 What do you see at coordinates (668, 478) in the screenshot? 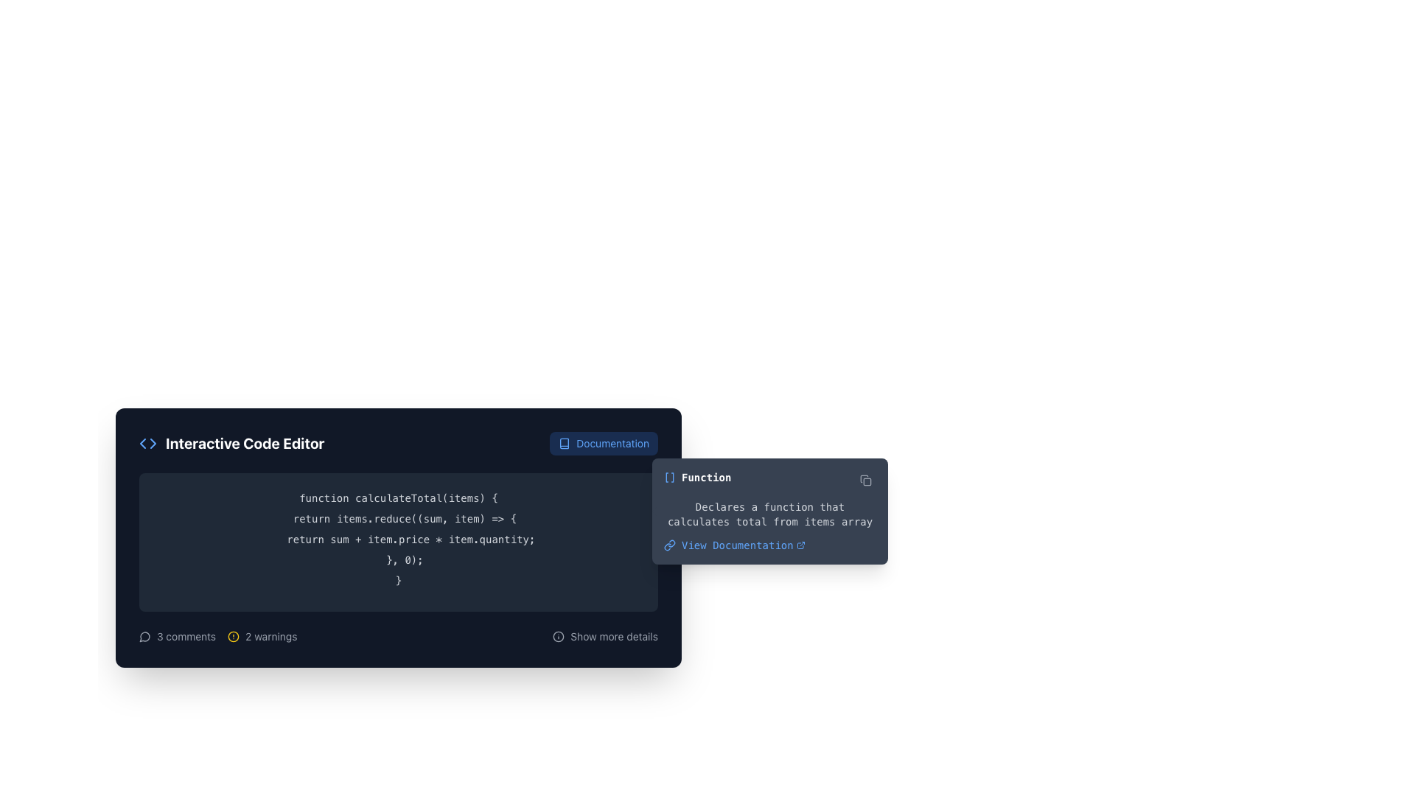
I see `the SVG icon representing brackets, which is positioned to the left of the text label 'Function', to focus on the associated function` at bounding box center [668, 478].